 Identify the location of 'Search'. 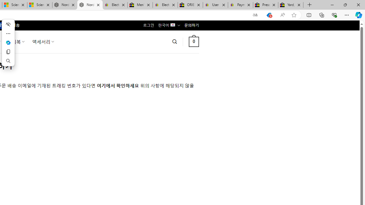
(8, 61).